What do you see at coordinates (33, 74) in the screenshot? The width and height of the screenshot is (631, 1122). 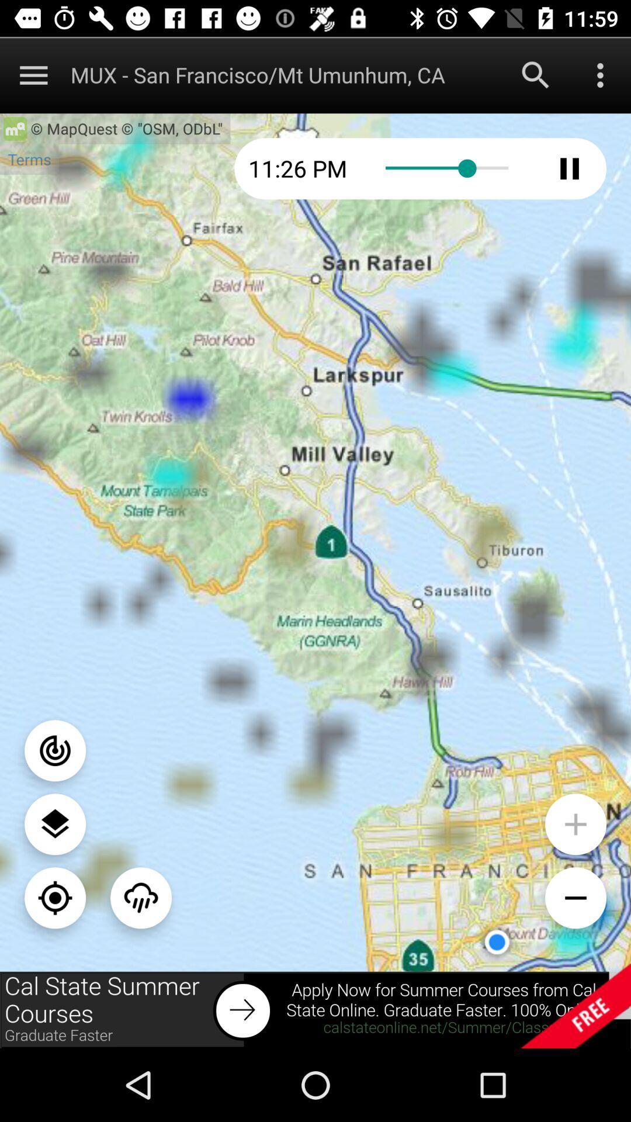 I see `the menu icon` at bounding box center [33, 74].